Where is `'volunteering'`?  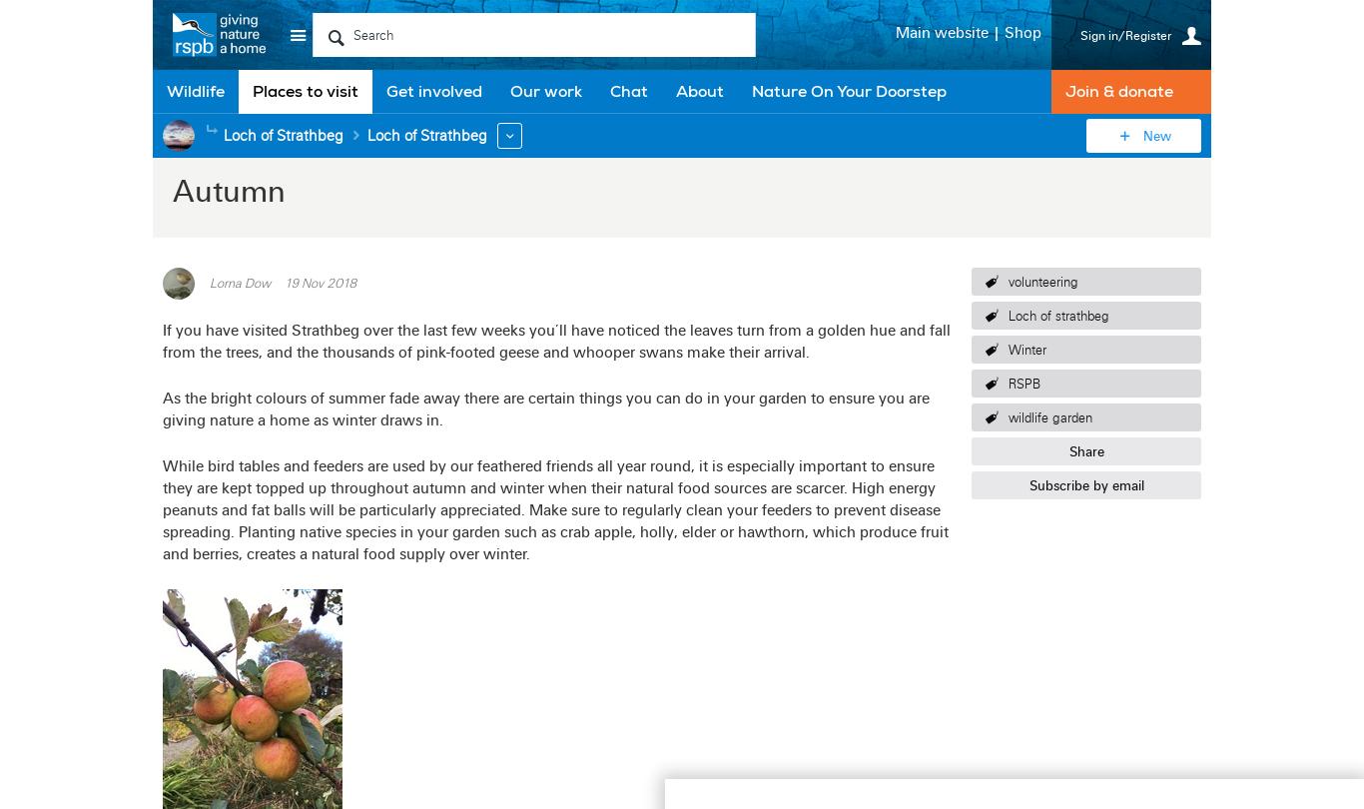
'volunteering' is located at coordinates (1041, 280).